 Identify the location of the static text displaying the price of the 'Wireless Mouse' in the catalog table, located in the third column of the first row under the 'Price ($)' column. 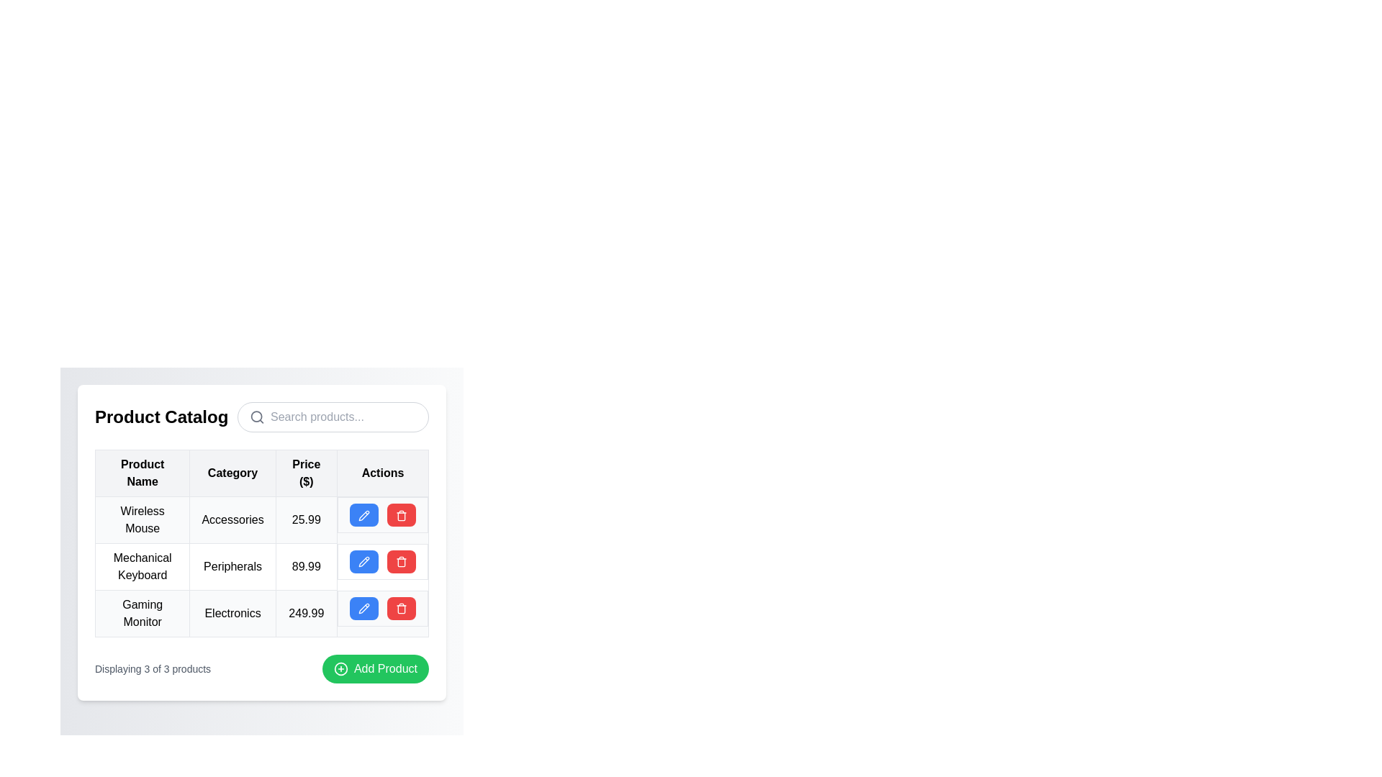
(305, 519).